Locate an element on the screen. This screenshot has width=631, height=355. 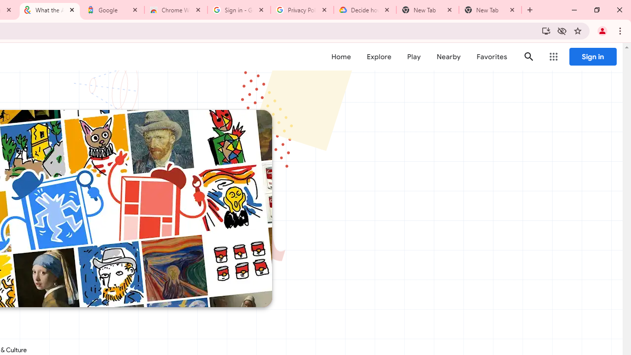
'Sign in - Google Accounts' is located at coordinates (239, 10).